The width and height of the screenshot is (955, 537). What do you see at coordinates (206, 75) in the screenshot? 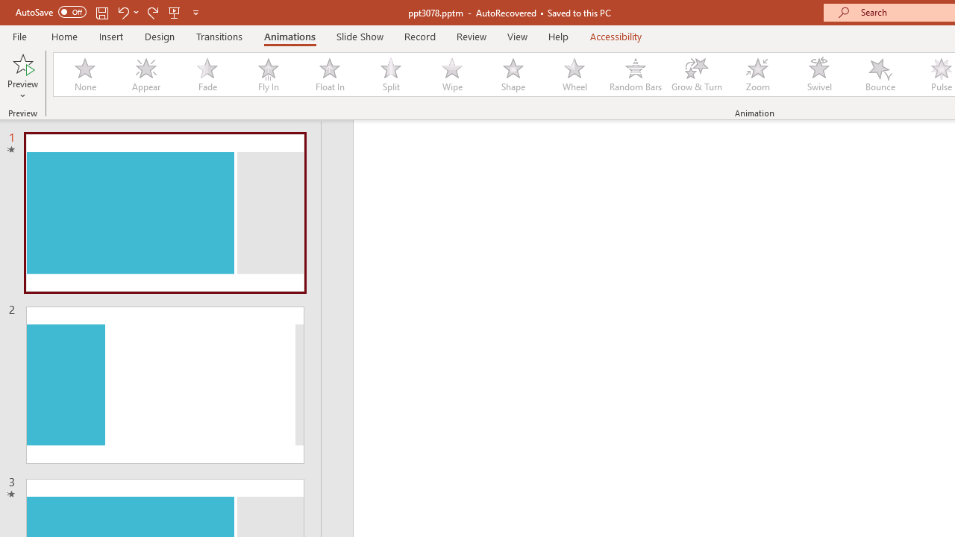
I see `'Fade'` at bounding box center [206, 75].